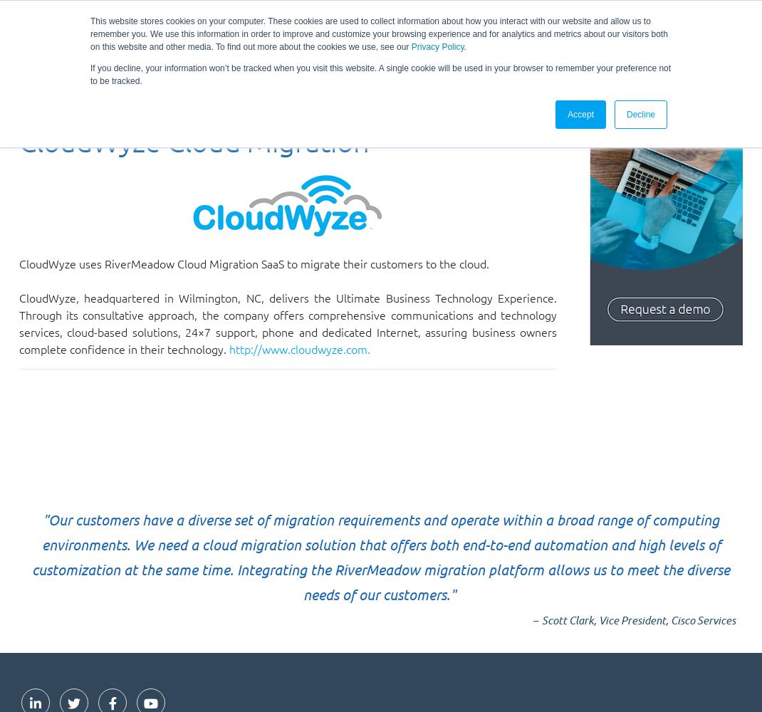 The width and height of the screenshot is (762, 712). Describe the element at coordinates (381, 557) in the screenshot. I see `'"Our customers have a diverse set of migration requirements and operate within a broad range of computing environments. We need a cloud migration solution that offers both end-to-end automation and high levels of customization at the same time. Integrating the RiverMeadow migration platform allows us to meet the diverse needs of our customers."'` at that location.